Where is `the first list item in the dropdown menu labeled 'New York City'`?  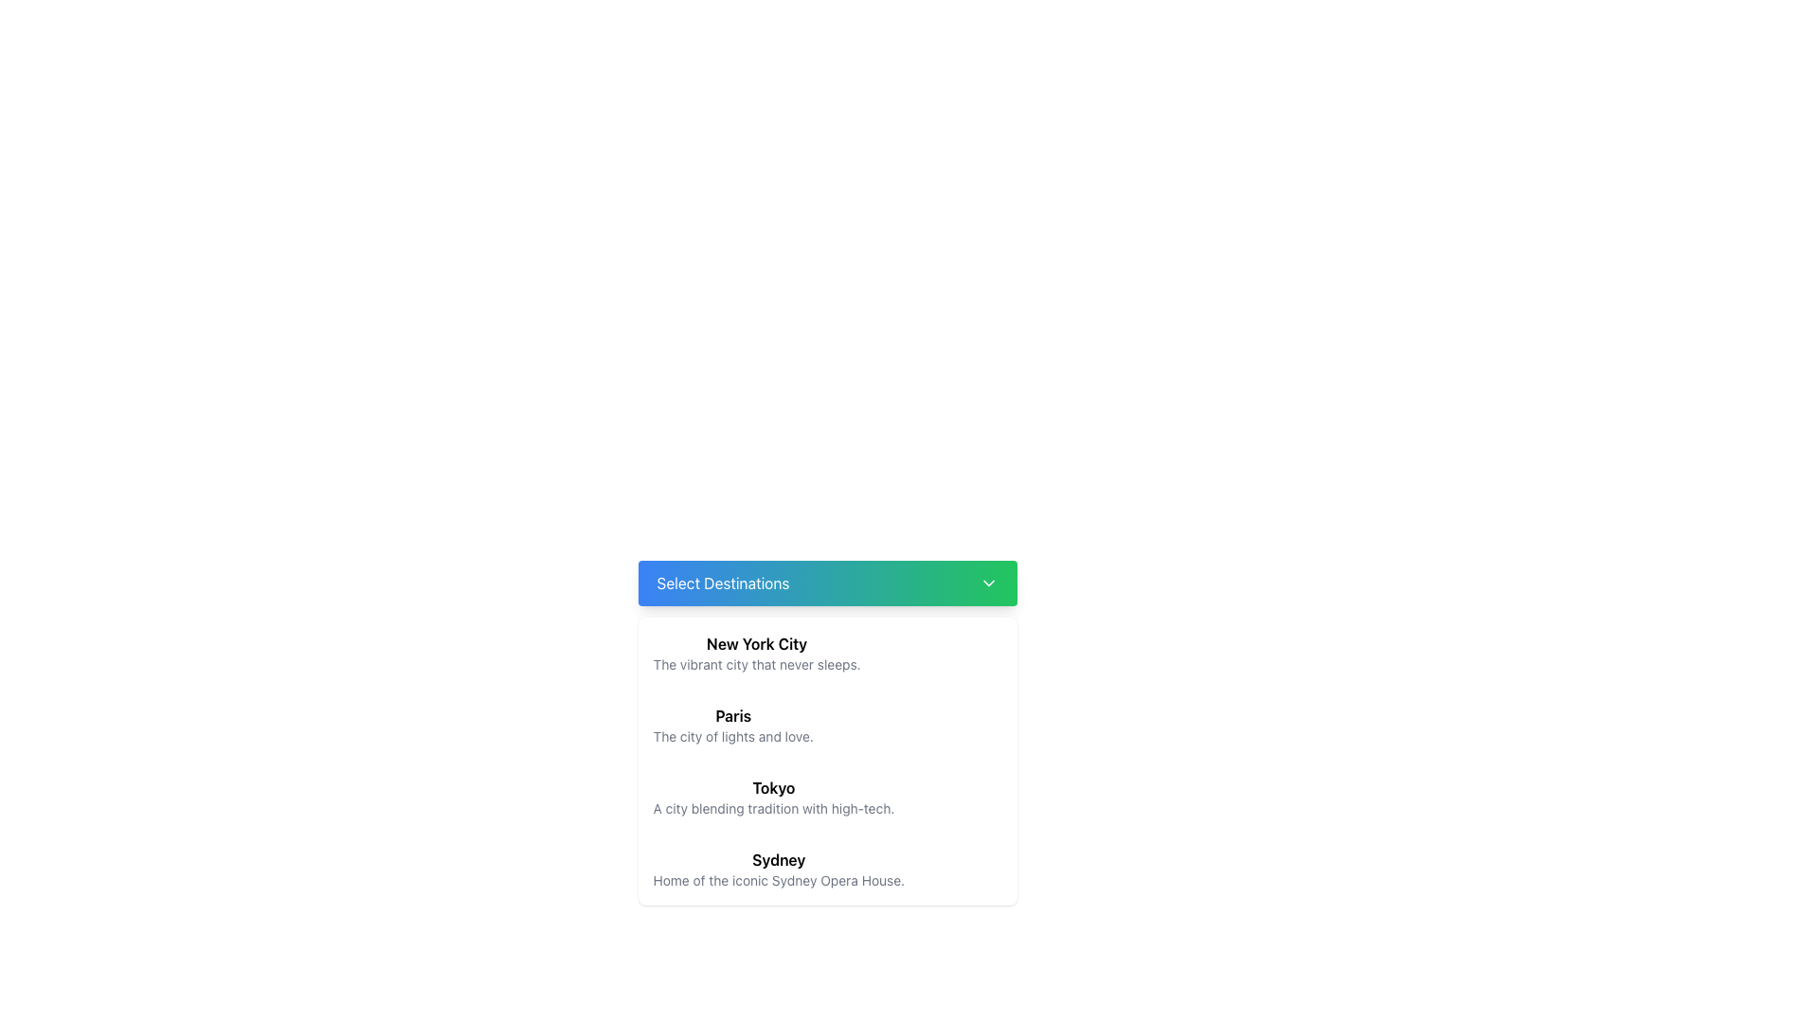 the first list item in the dropdown menu labeled 'New York City' is located at coordinates (827, 653).